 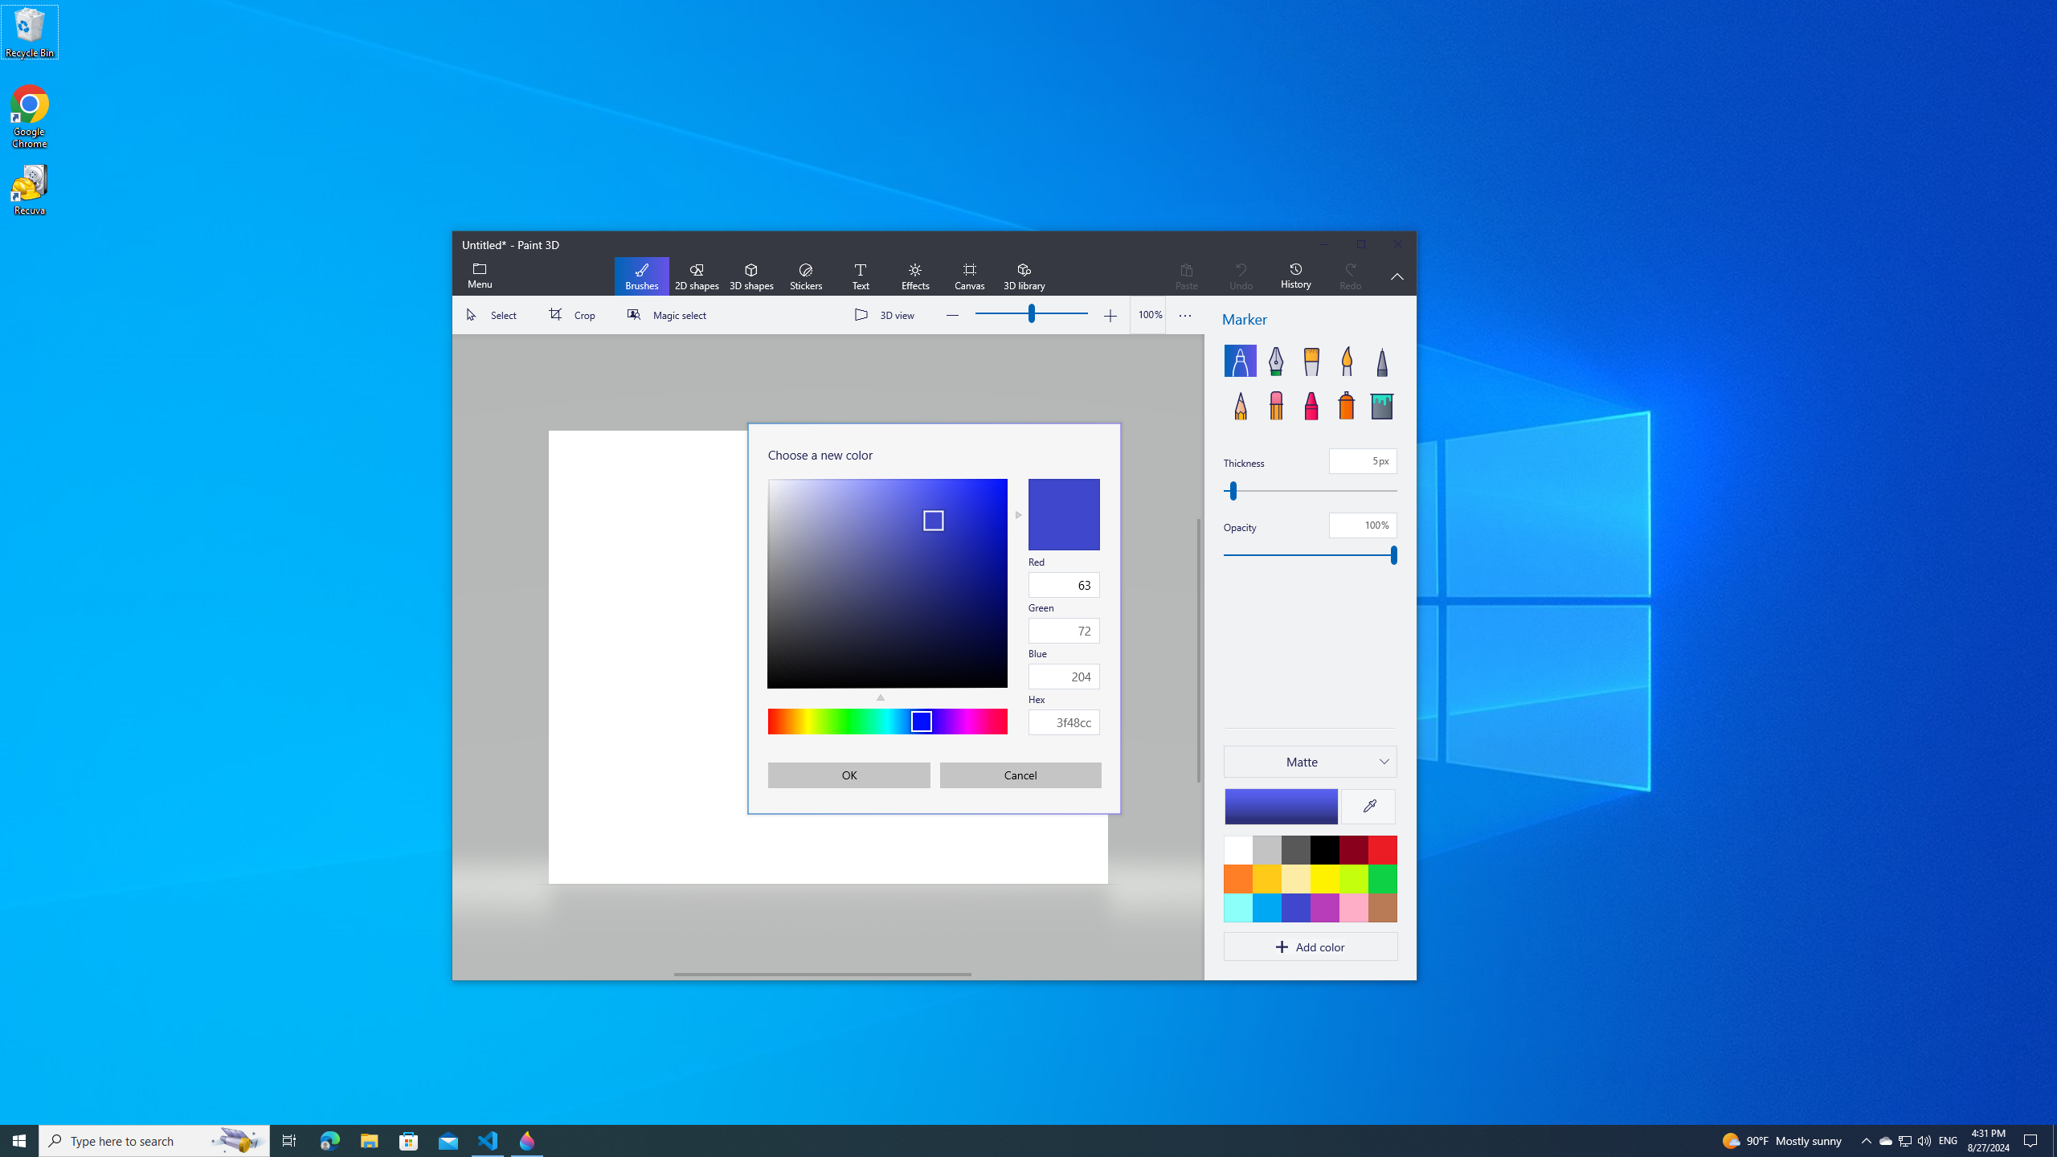 I want to click on 'Visual Studio Code - 1 running window', so click(x=488, y=1139).